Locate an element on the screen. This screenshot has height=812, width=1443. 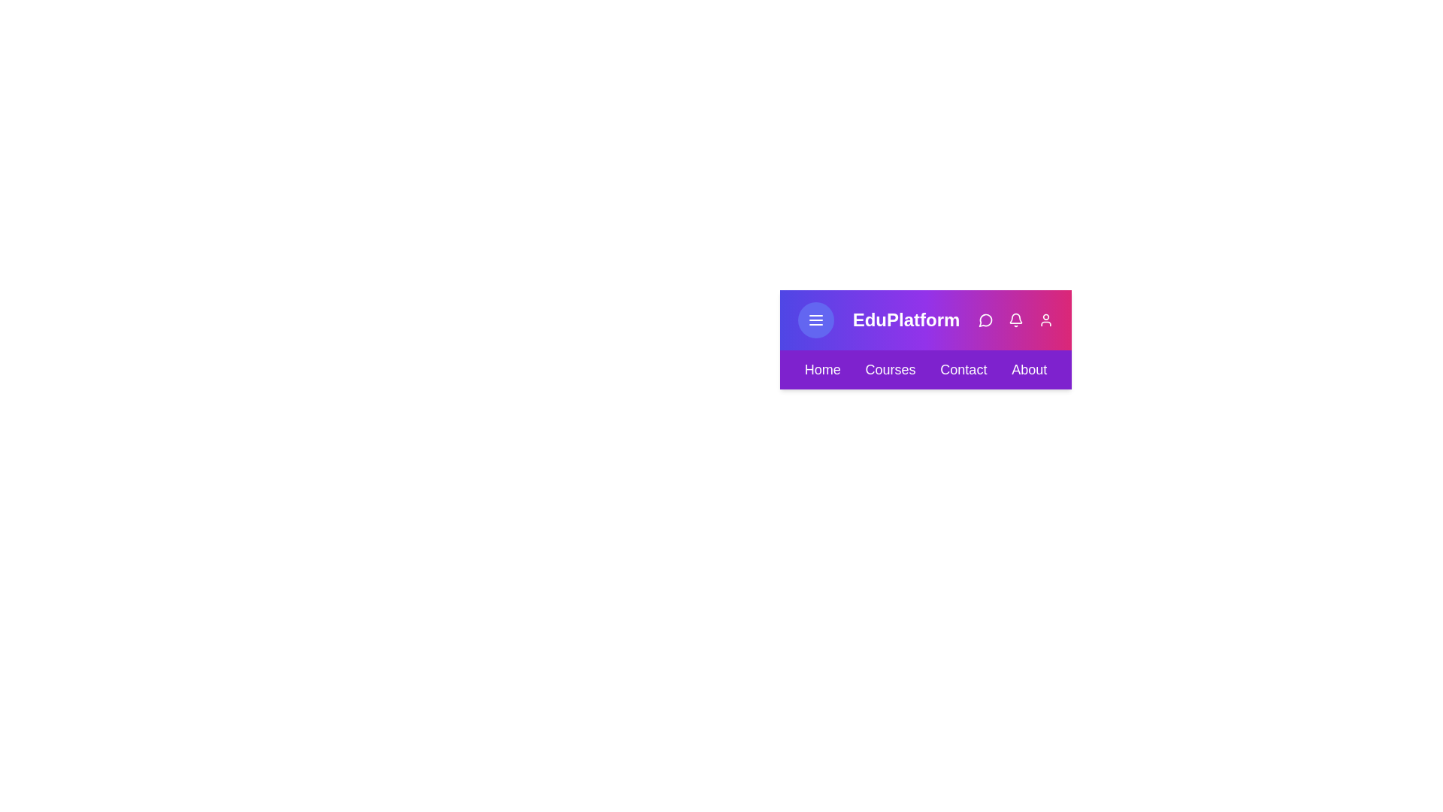
the message icon in the action bar is located at coordinates (985, 319).